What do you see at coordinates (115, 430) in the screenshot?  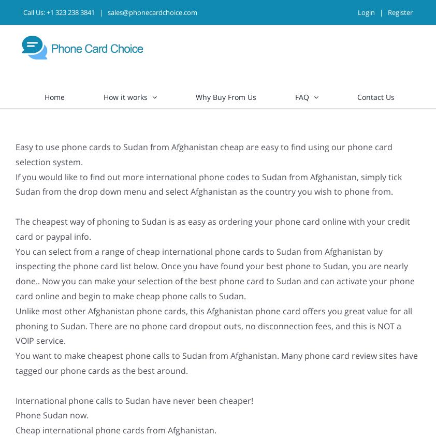 I see `'Cheap international phone cards from Afghanistan.'` at bounding box center [115, 430].